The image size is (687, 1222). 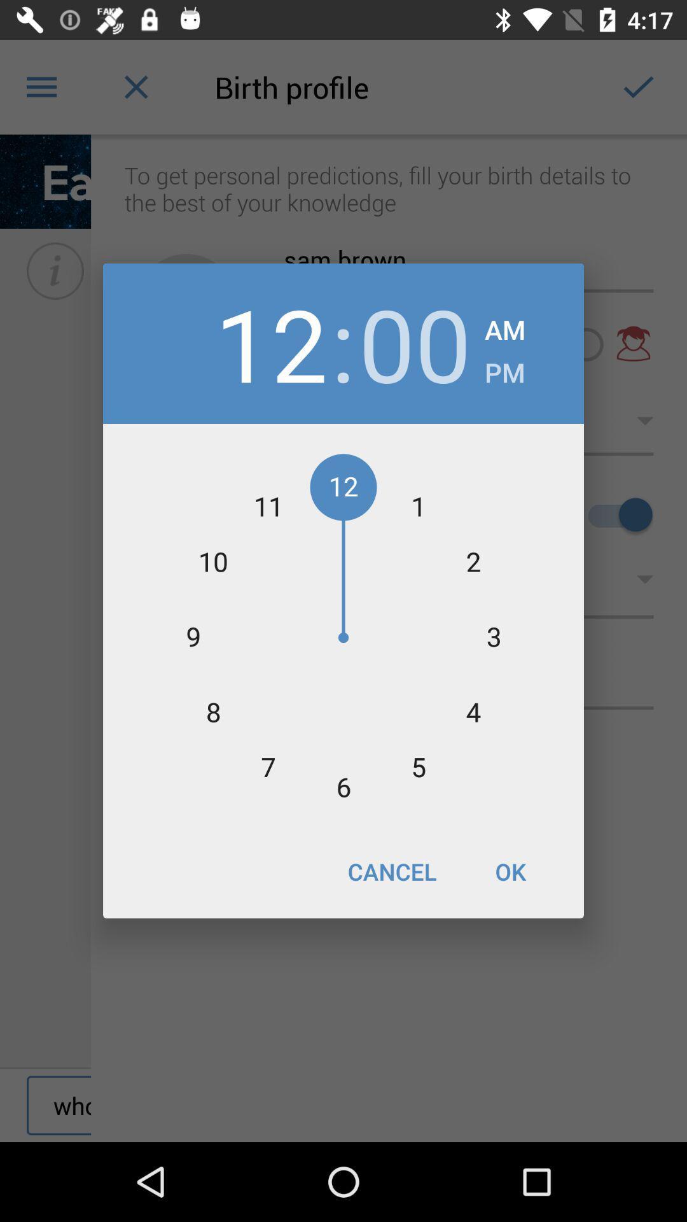 What do you see at coordinates (270, 343) in the screenshot?
I see `12` at bounding box center [270, 343].